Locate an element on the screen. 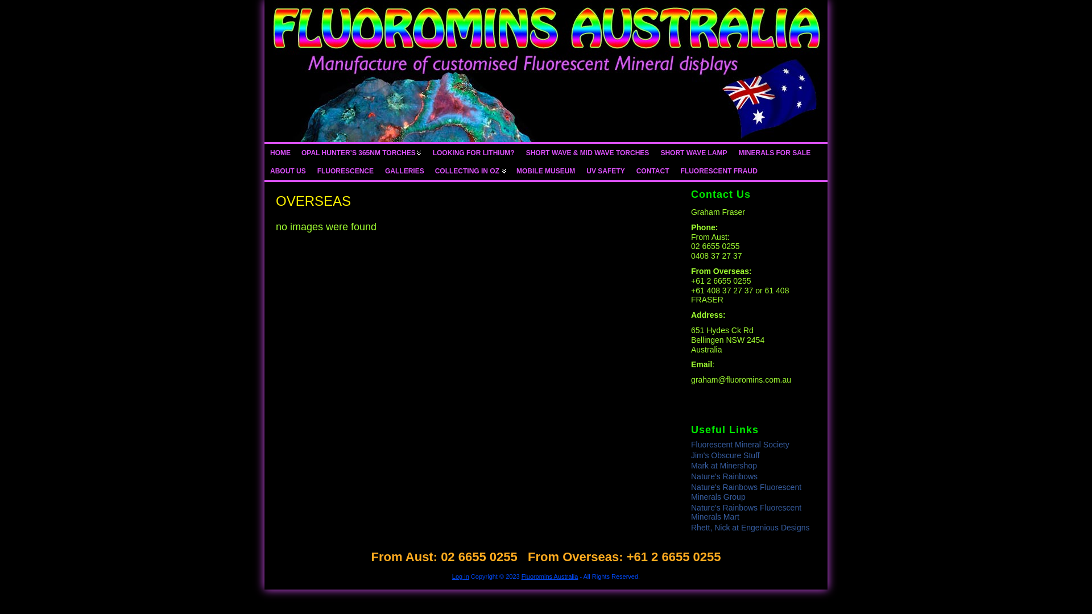  'MOBILE MUSEUM' is located at coordinates (510, 171).